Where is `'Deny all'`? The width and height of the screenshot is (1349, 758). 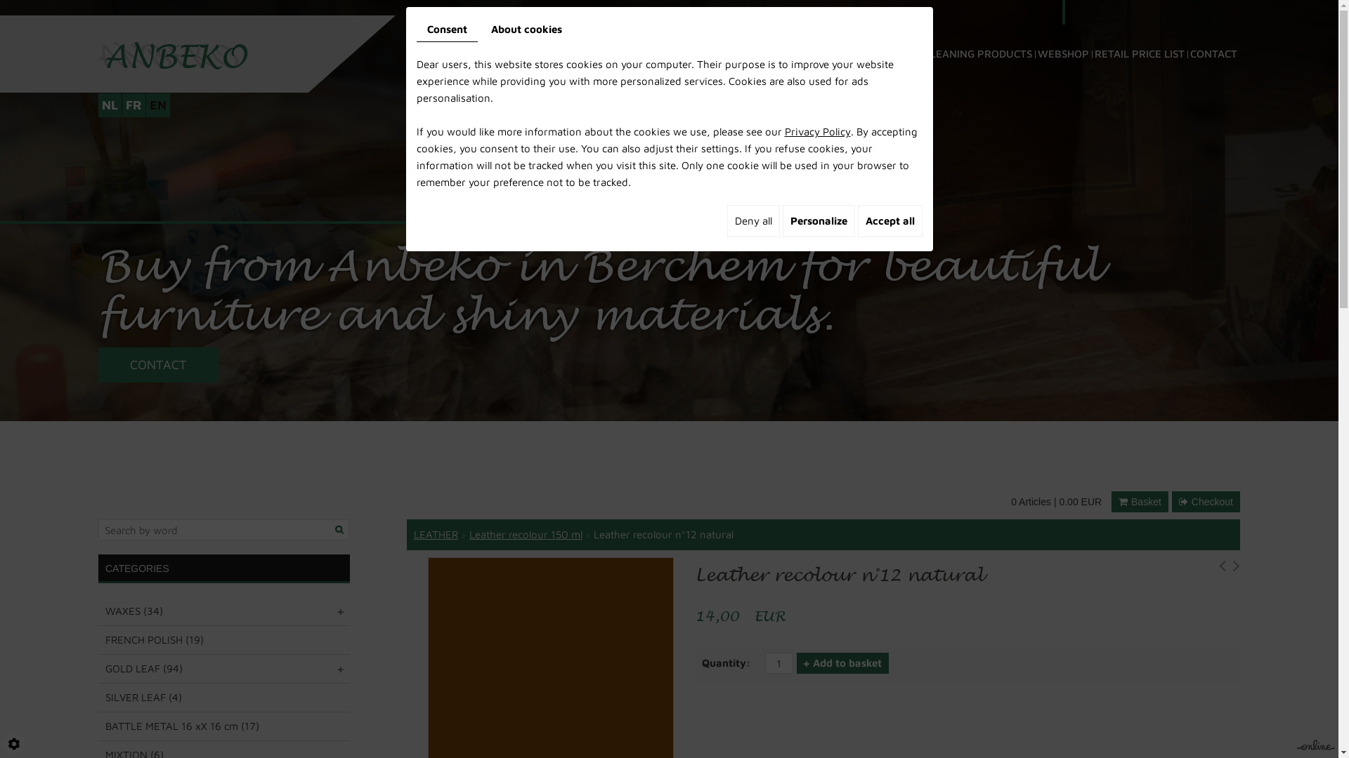 'Deny all' is located at coordinates (752, 221).